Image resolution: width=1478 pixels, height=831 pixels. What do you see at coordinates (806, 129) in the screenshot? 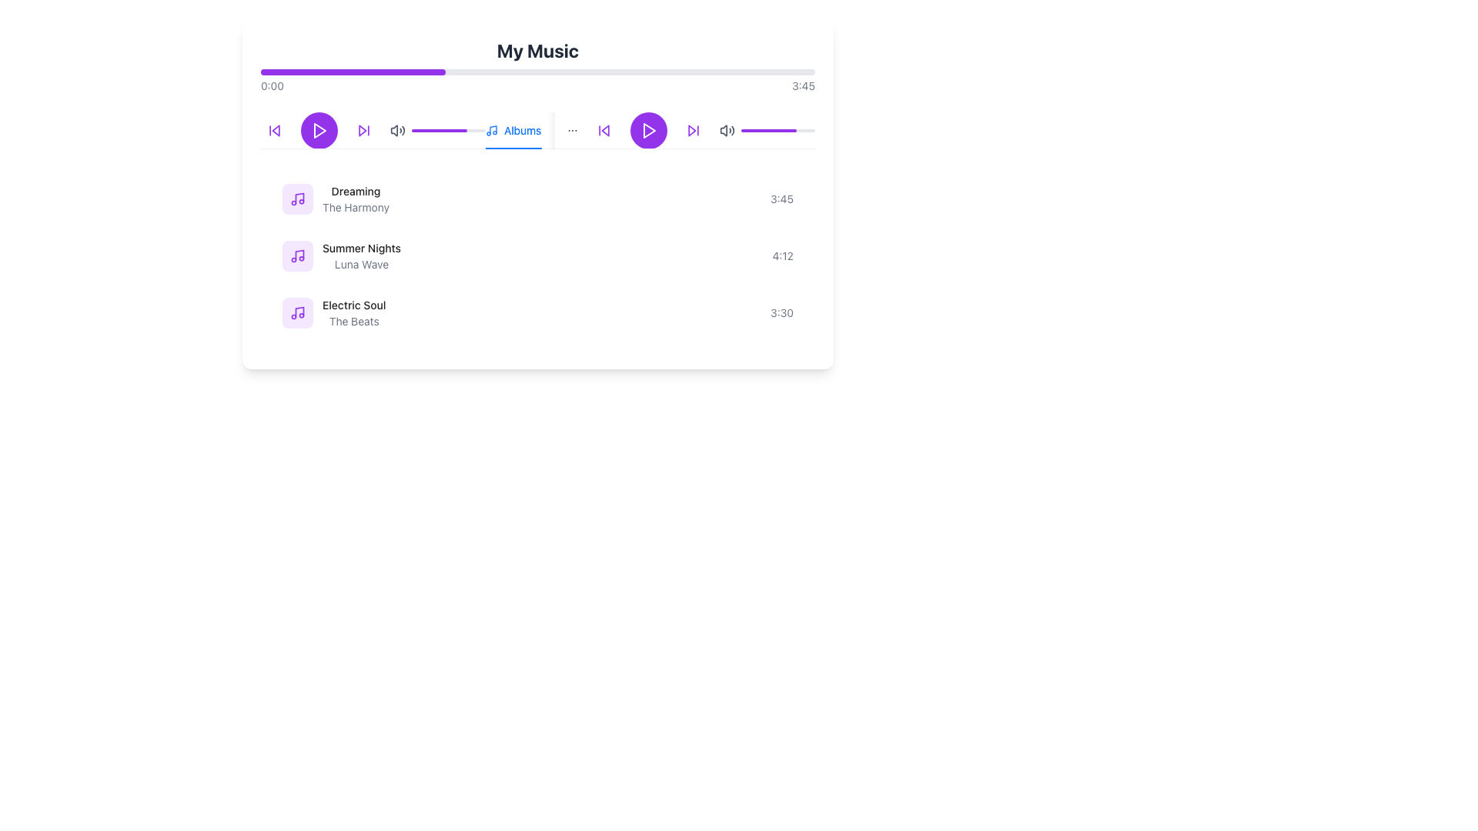
I see `volume` at bounding box center [806, 129].